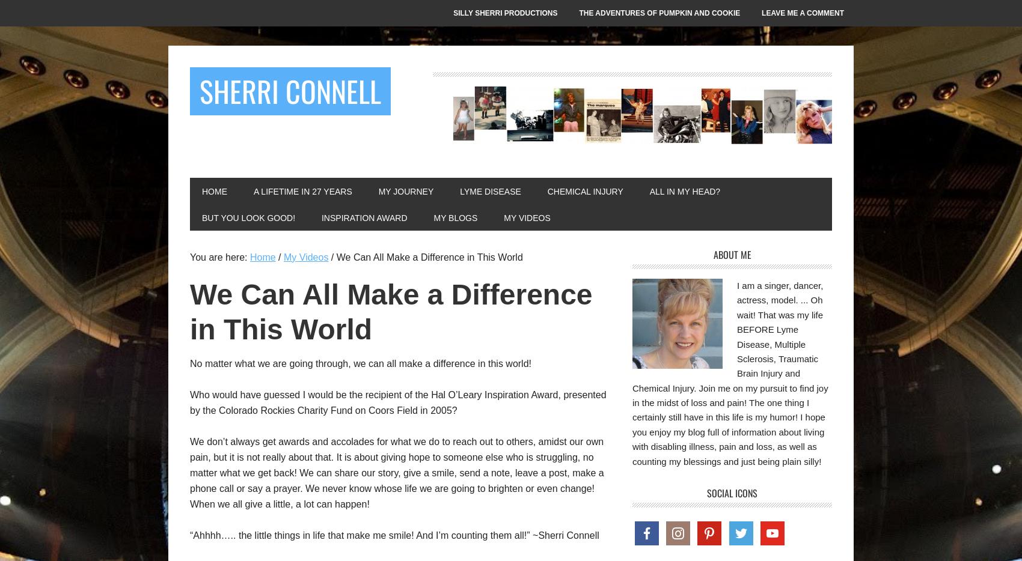  Describe the element at coordinates (248, 218) in the screenshot. I see `'But You LOOK Good!'` at that location.